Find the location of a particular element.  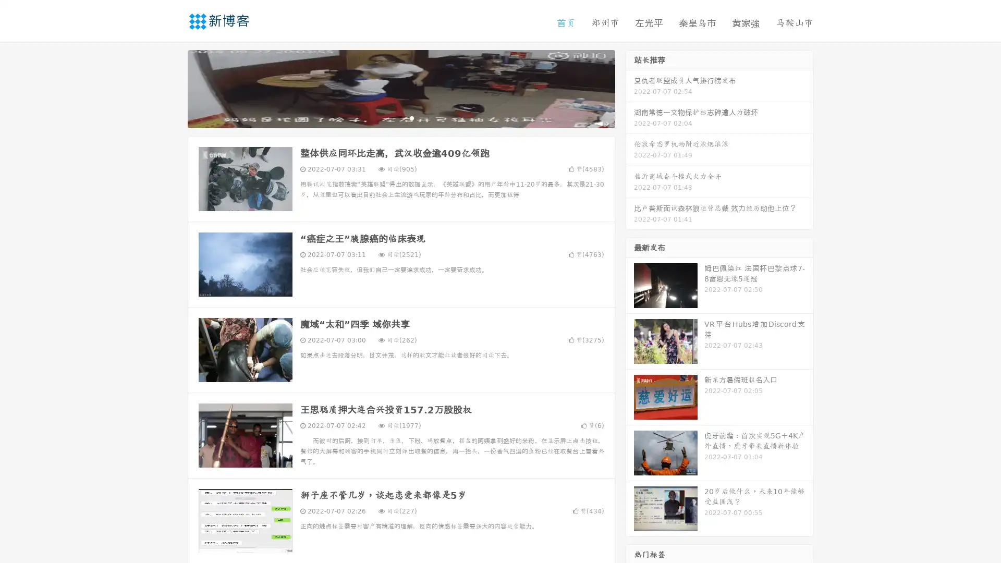

Go to slide 1 is located at coordinates (390, 117).